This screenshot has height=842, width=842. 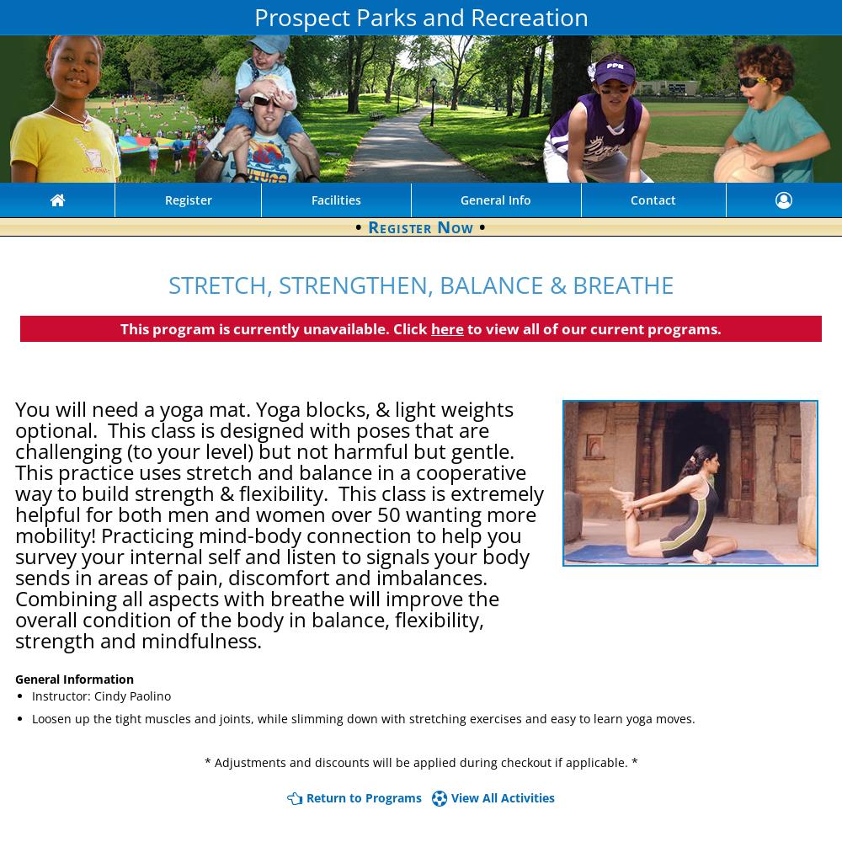 I want to click on 'General Information', so click(x=73, y=678).